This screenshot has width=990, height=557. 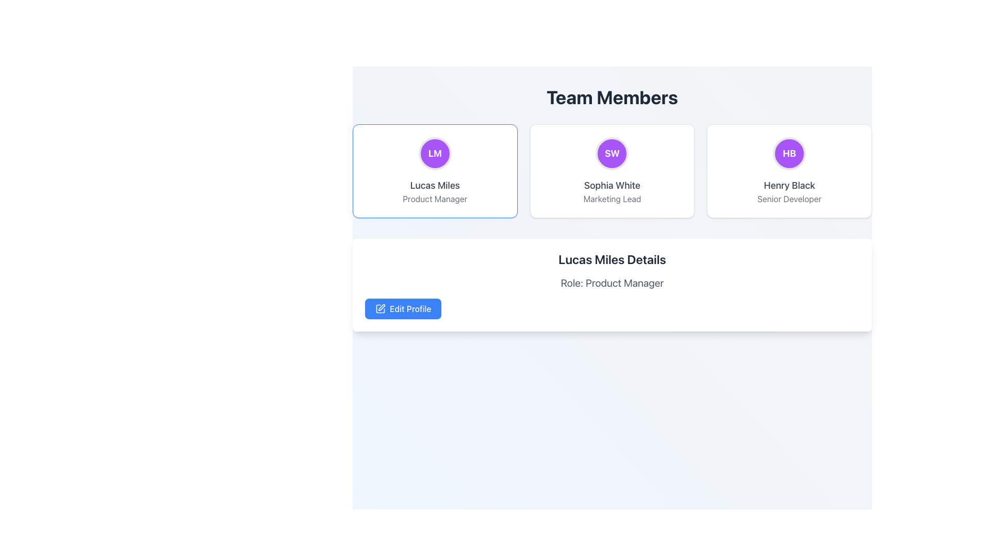 What do you see at coordinates (612, 97) in the screenshot?
I see `heading text 'Team Members' which is prominently displayed in bold at the top of the section` at bounding box center [612, 97].